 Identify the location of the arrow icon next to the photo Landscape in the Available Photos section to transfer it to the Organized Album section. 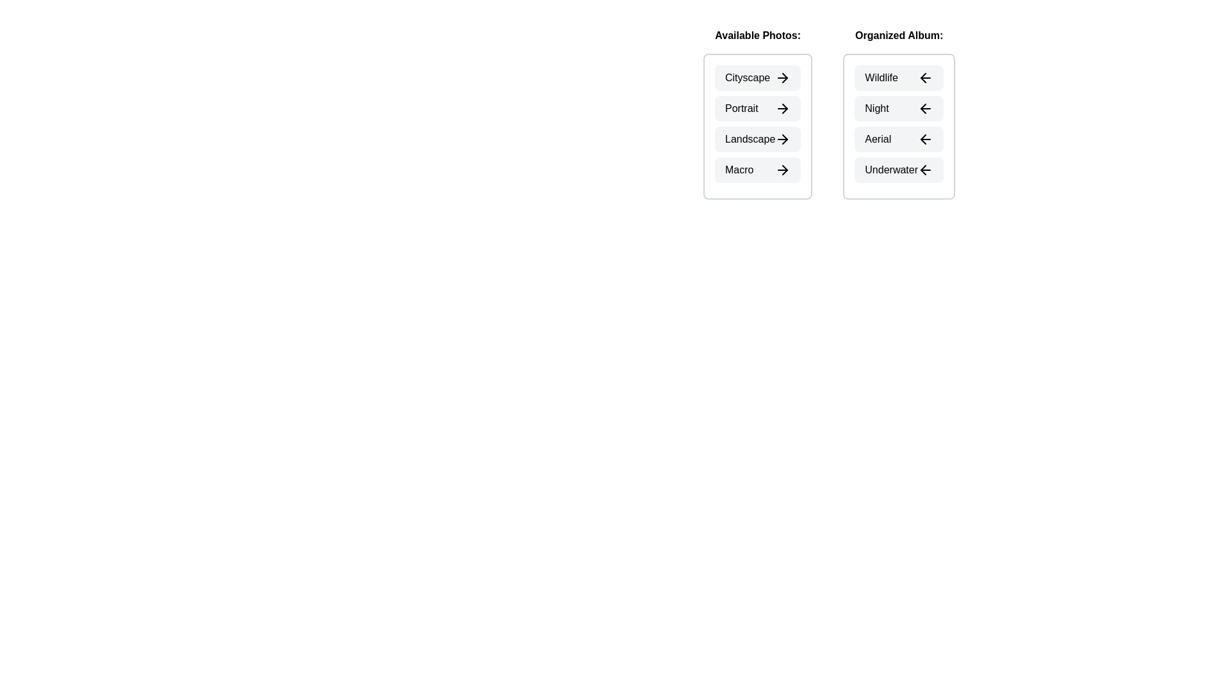
(782, 139).